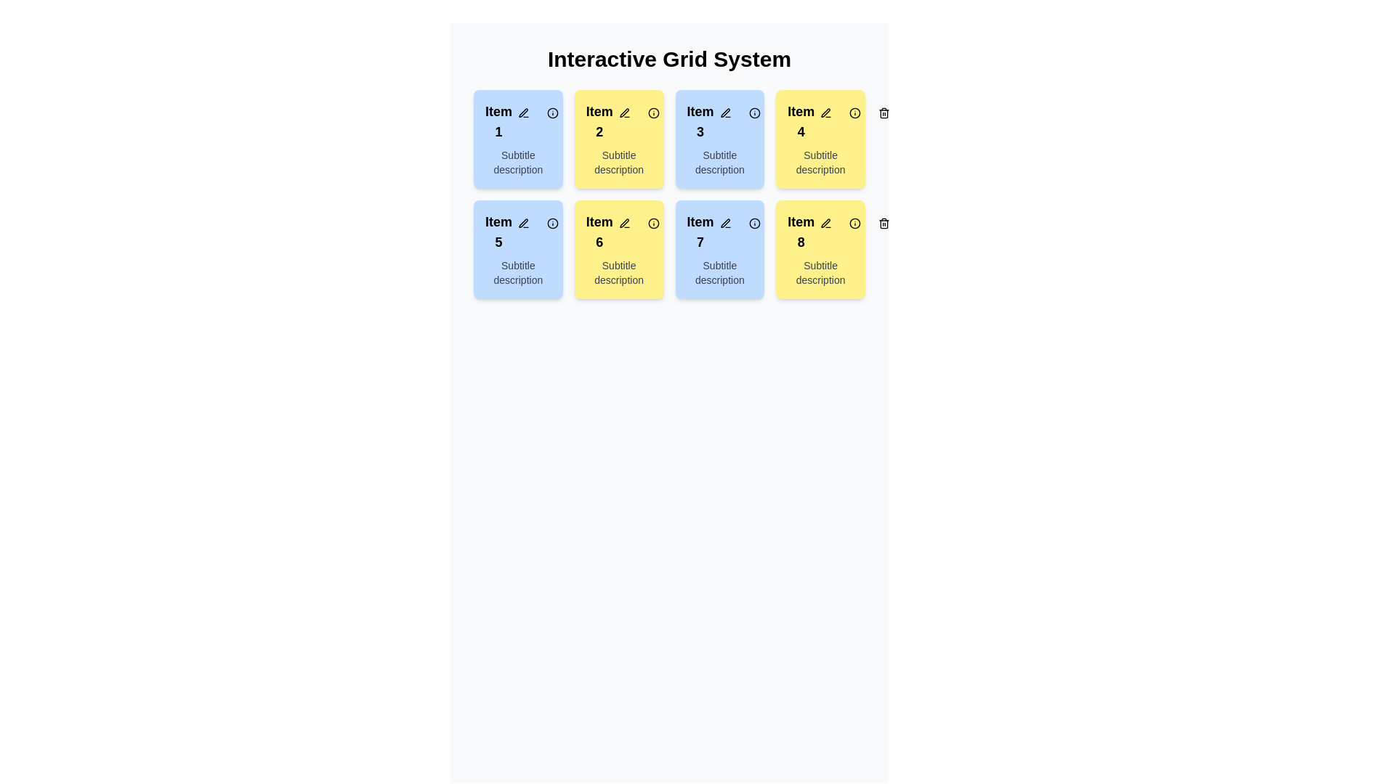 This screenshot has width=1395, height=784. What do you see at coordinates (619, 162) in the screenshot?
I see `the text label providing supplementary information for the card titled 'Item 2', located centrally below the title text in the bottom section of the card` at bounding box center [619, 162].